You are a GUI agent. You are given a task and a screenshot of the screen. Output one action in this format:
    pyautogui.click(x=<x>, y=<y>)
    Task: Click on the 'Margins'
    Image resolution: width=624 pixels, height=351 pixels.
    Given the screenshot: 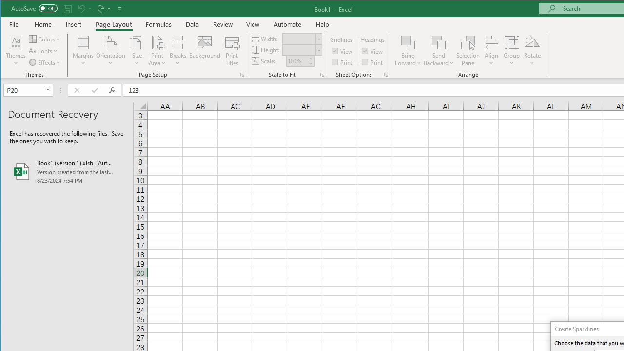 What is the action you would take?
    pyautogui.click(x=83, y=51)
    